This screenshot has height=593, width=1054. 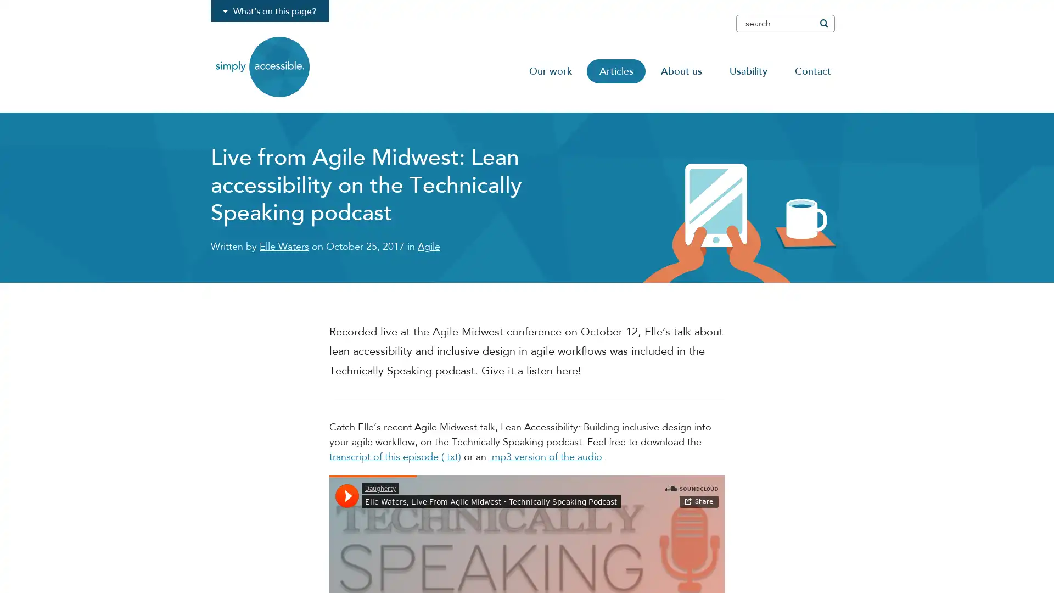 What do you see at coordinates (823, 23) in the screenshot?
I see `Submit Search` at bounding box center [823, 23].